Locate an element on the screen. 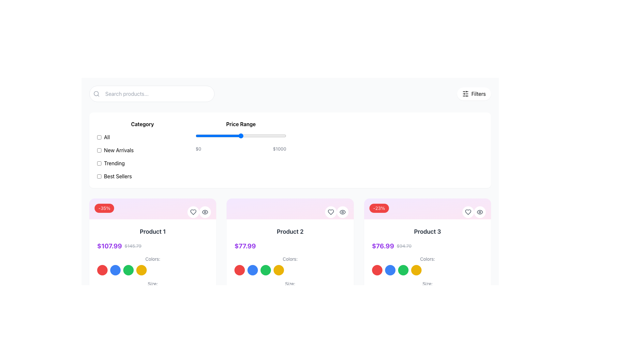 The image size is (626, 352). the small circular red button, which is the first in a sequence of four colored circles located below the price and title of 'Product 2' is located at coordinates (239, 270).